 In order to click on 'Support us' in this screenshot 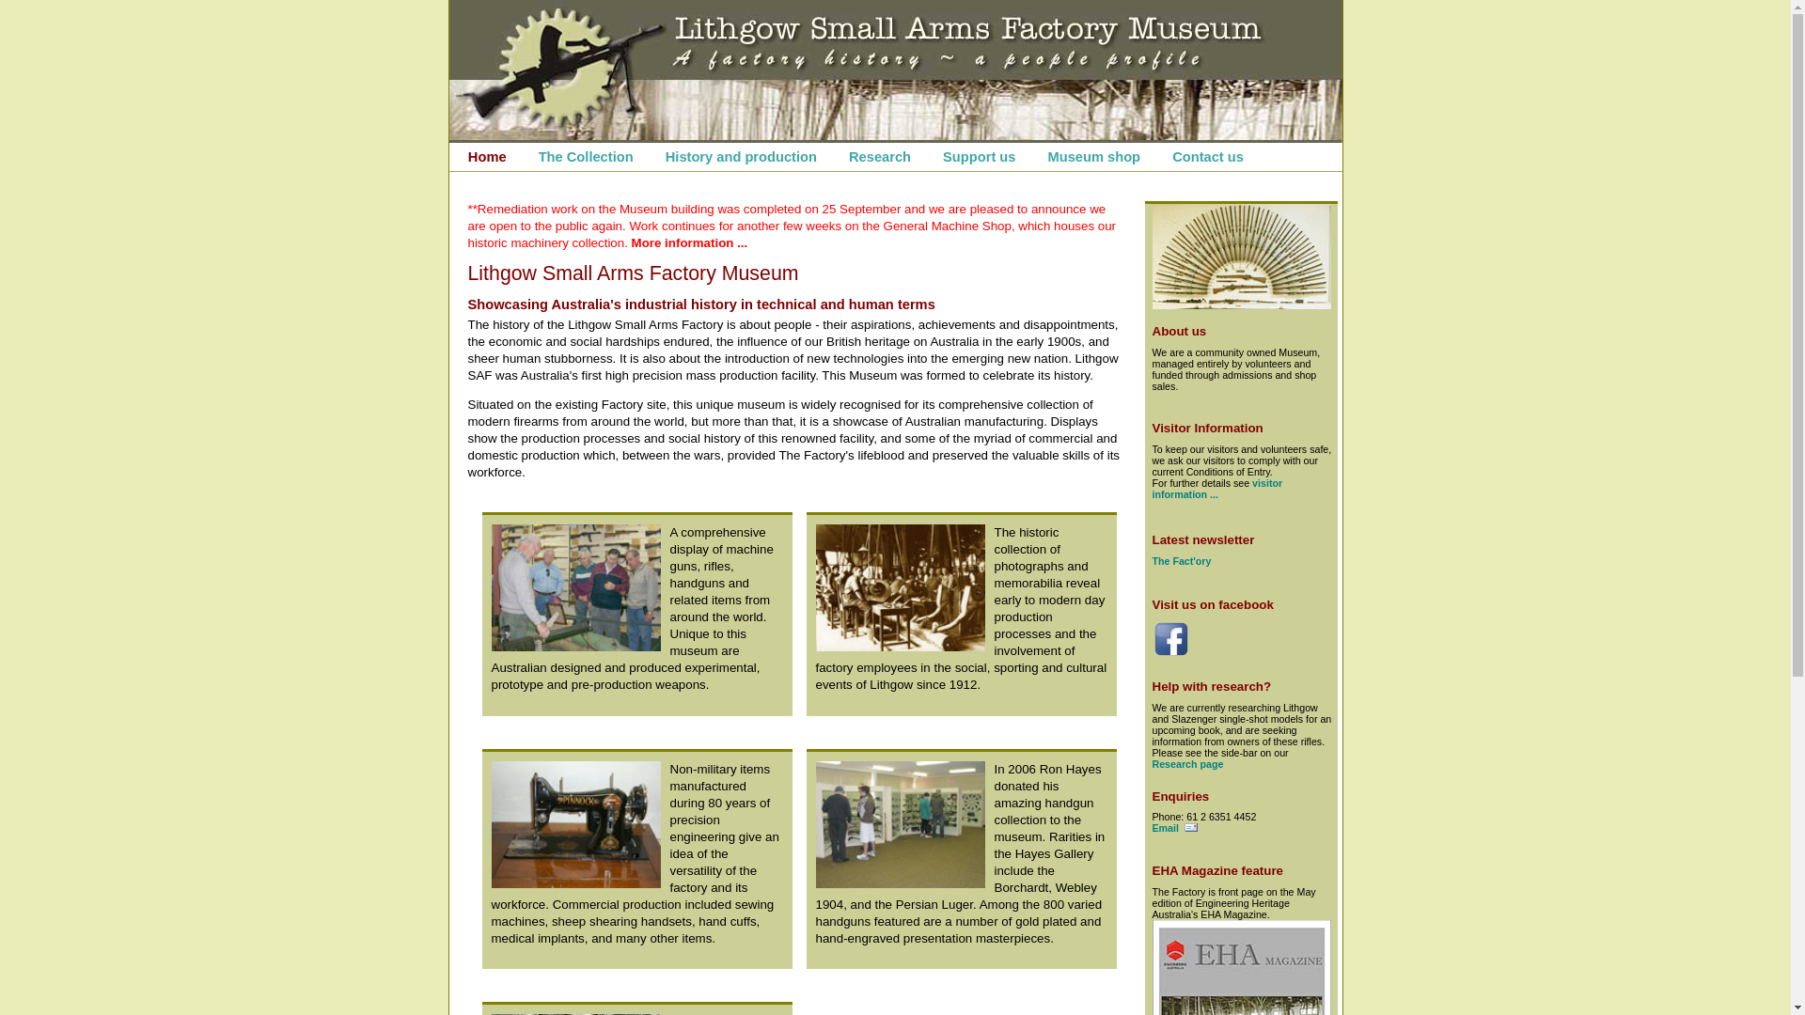, I will do `click(978, 155)`.